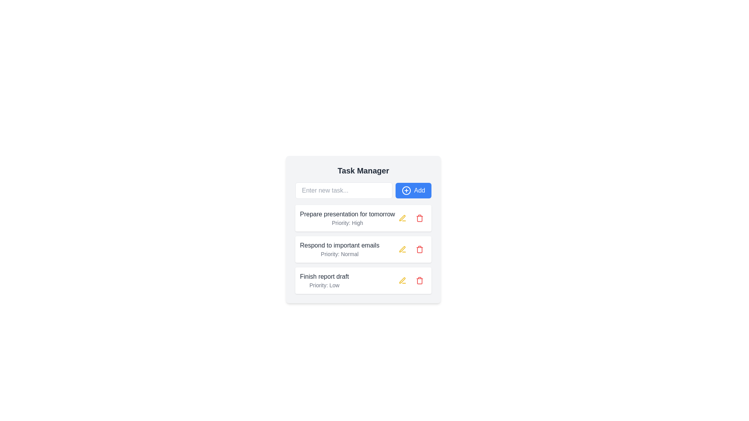 The width and height of the screenshot is (749, 421). Describe the element at coordinates (363, 281) in the screenshot. I see `the task item titled 'Finish report draft' which is displayed as a white rectangular box with rounded corners and contains action buttons for editing and deletion` at that location.